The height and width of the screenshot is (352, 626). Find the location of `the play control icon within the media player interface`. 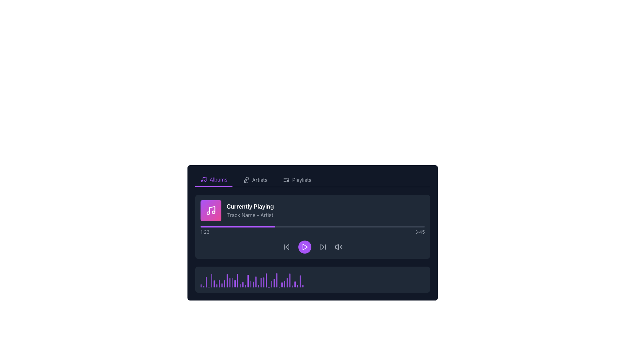

the play control icon within the media player interface is located at coordinates (305, 247).